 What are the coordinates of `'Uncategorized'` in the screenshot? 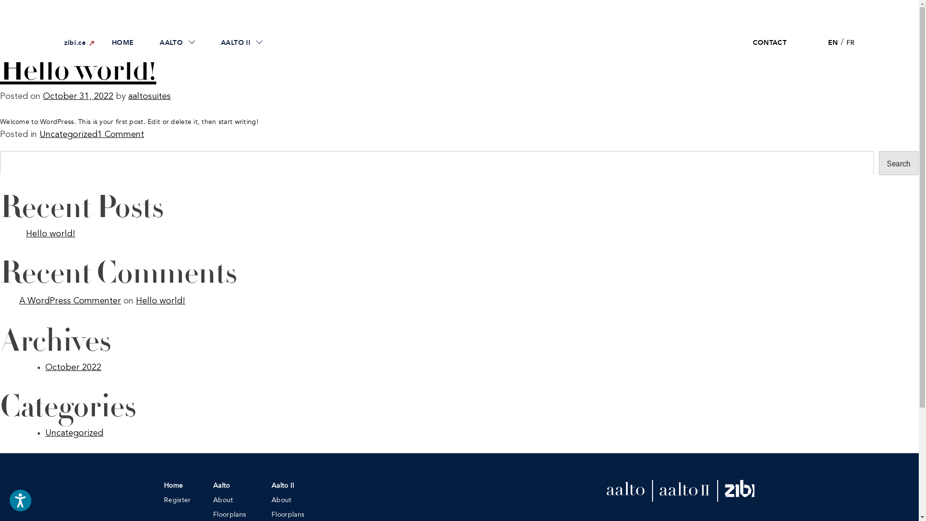 It's located at (45, 433).